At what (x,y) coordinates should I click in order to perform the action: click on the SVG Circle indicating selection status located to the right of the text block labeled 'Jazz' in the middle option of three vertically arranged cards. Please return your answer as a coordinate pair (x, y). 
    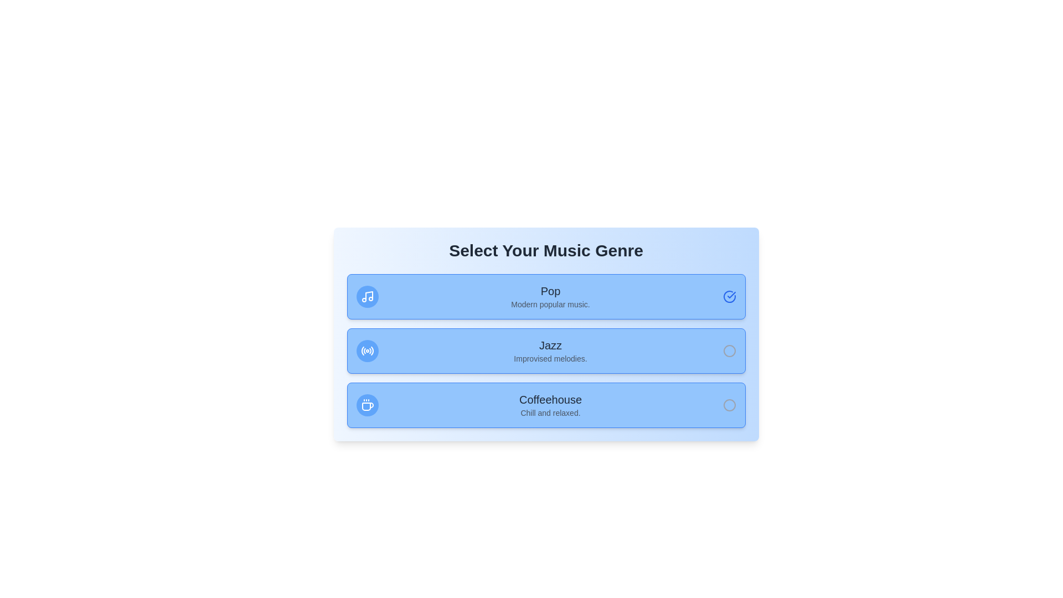
    Looking at the image, I should click on (729, 350).